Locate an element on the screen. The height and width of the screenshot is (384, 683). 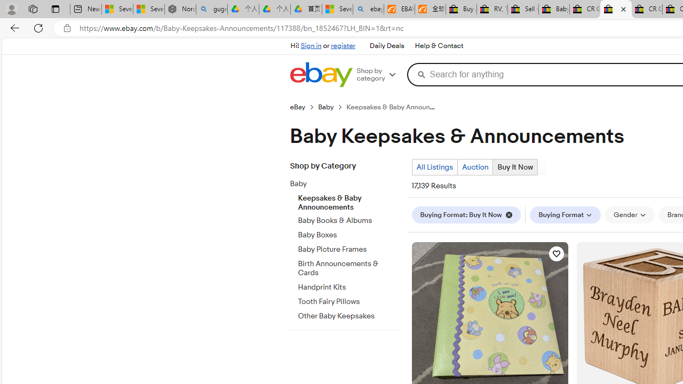
'Gender' is located at coordinates (630, 215).